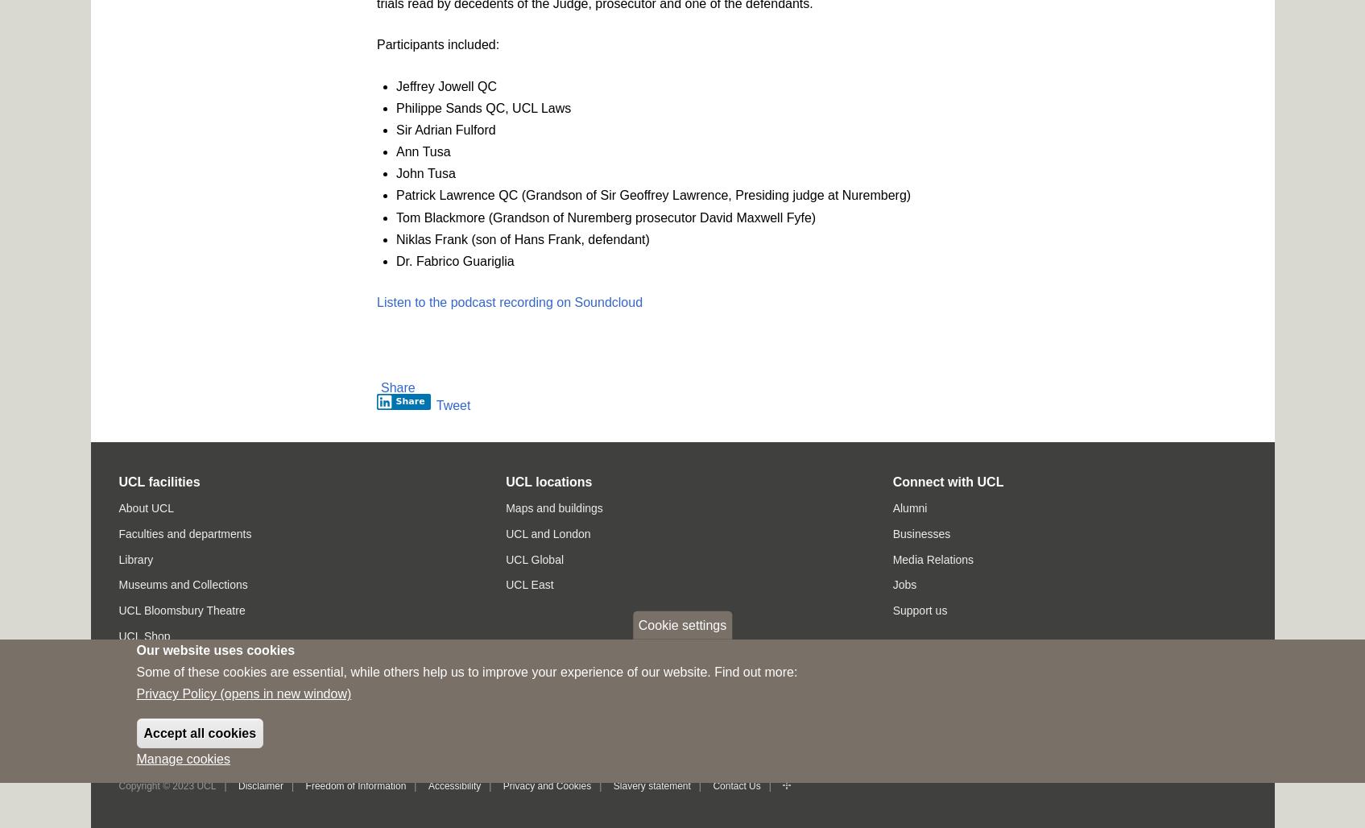 Image resolution: width=1365 pixels, height=828 pixels. I want to click on 'Copyright © 2023 UCL', so click(166, 784).